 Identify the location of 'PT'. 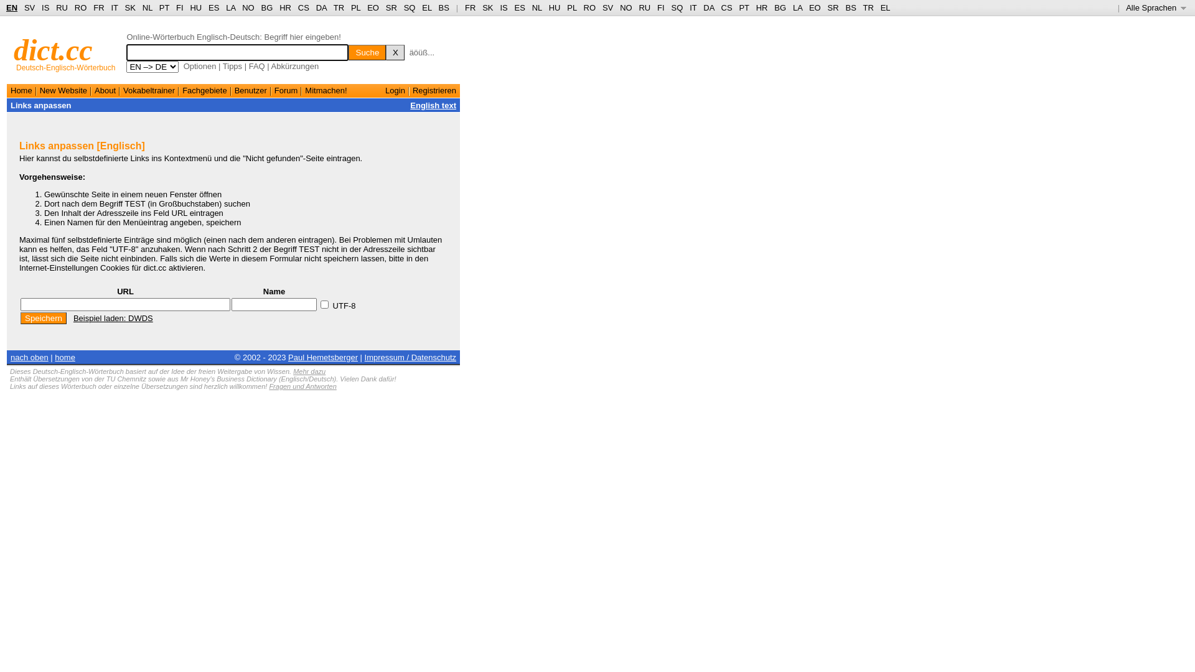
(158, 7).